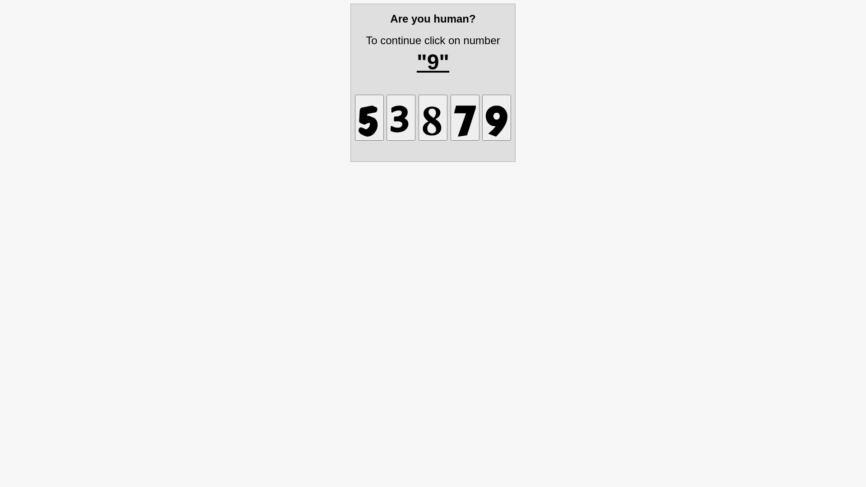 Image resolution: width=866 pixels, height=487 pixels. I want to click on '1732439013185050', so click(433, 117).